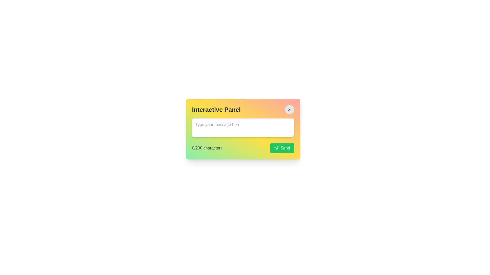  What do you see at coordinates (285, 148) in the screenshot?
I see `the 'Send' button, which is a green rectangular button with the text 'Send' in white font, located in the bottom-right corner of a small card layout` at bounding box center [285, 148].